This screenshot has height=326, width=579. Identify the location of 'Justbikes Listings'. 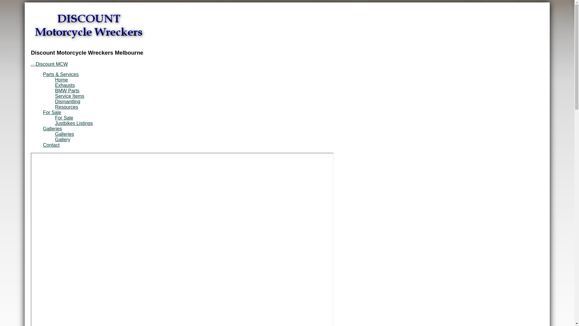
(73, 123).